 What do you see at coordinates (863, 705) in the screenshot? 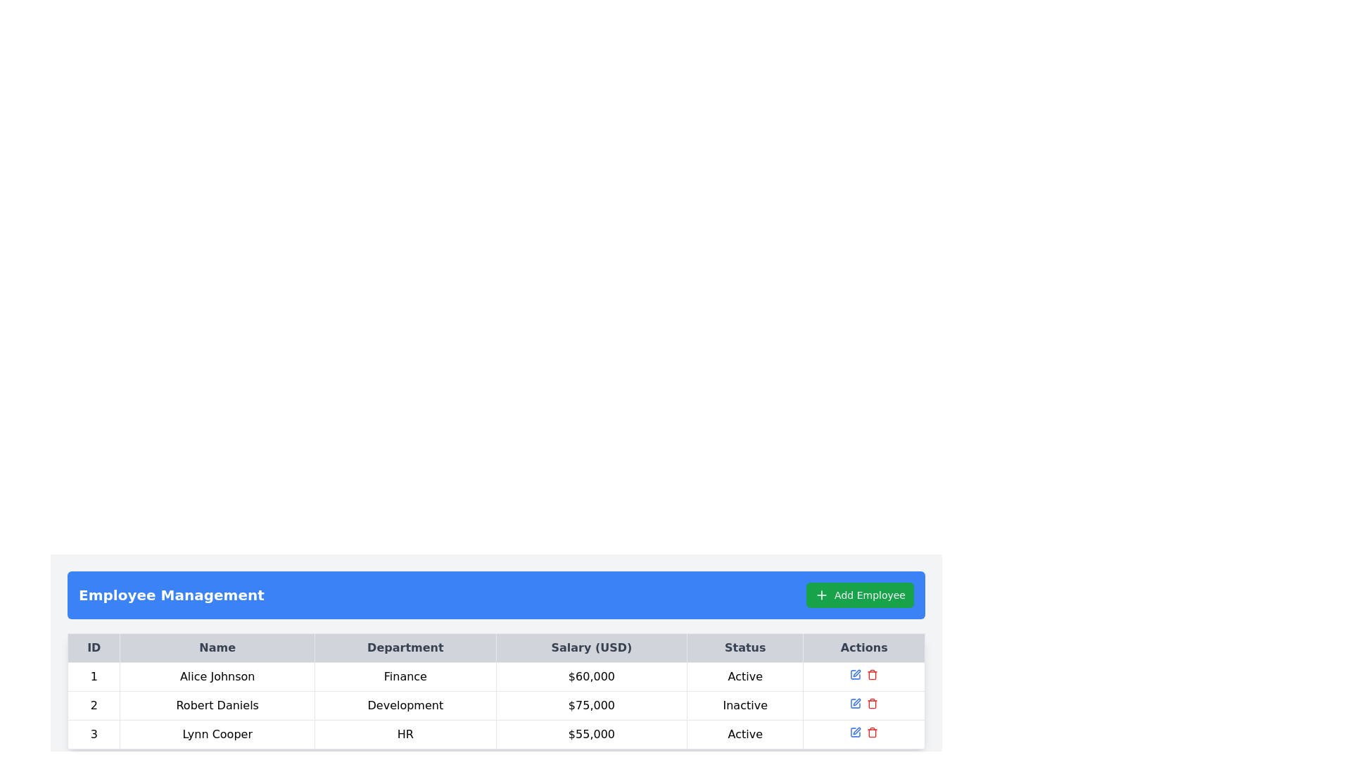
I see `the grouped interactive icons in the actions column of the row for 'Robert Daniels'` at bounding box center [863, 705].